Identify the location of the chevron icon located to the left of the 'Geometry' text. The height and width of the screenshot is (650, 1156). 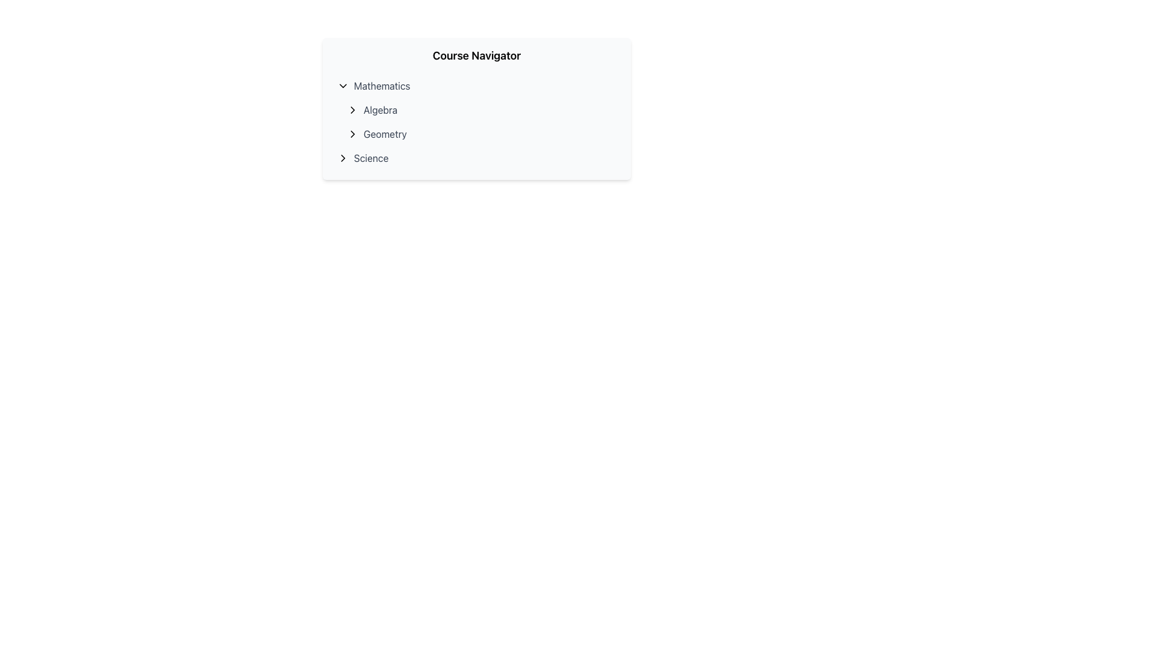
(352, 134).